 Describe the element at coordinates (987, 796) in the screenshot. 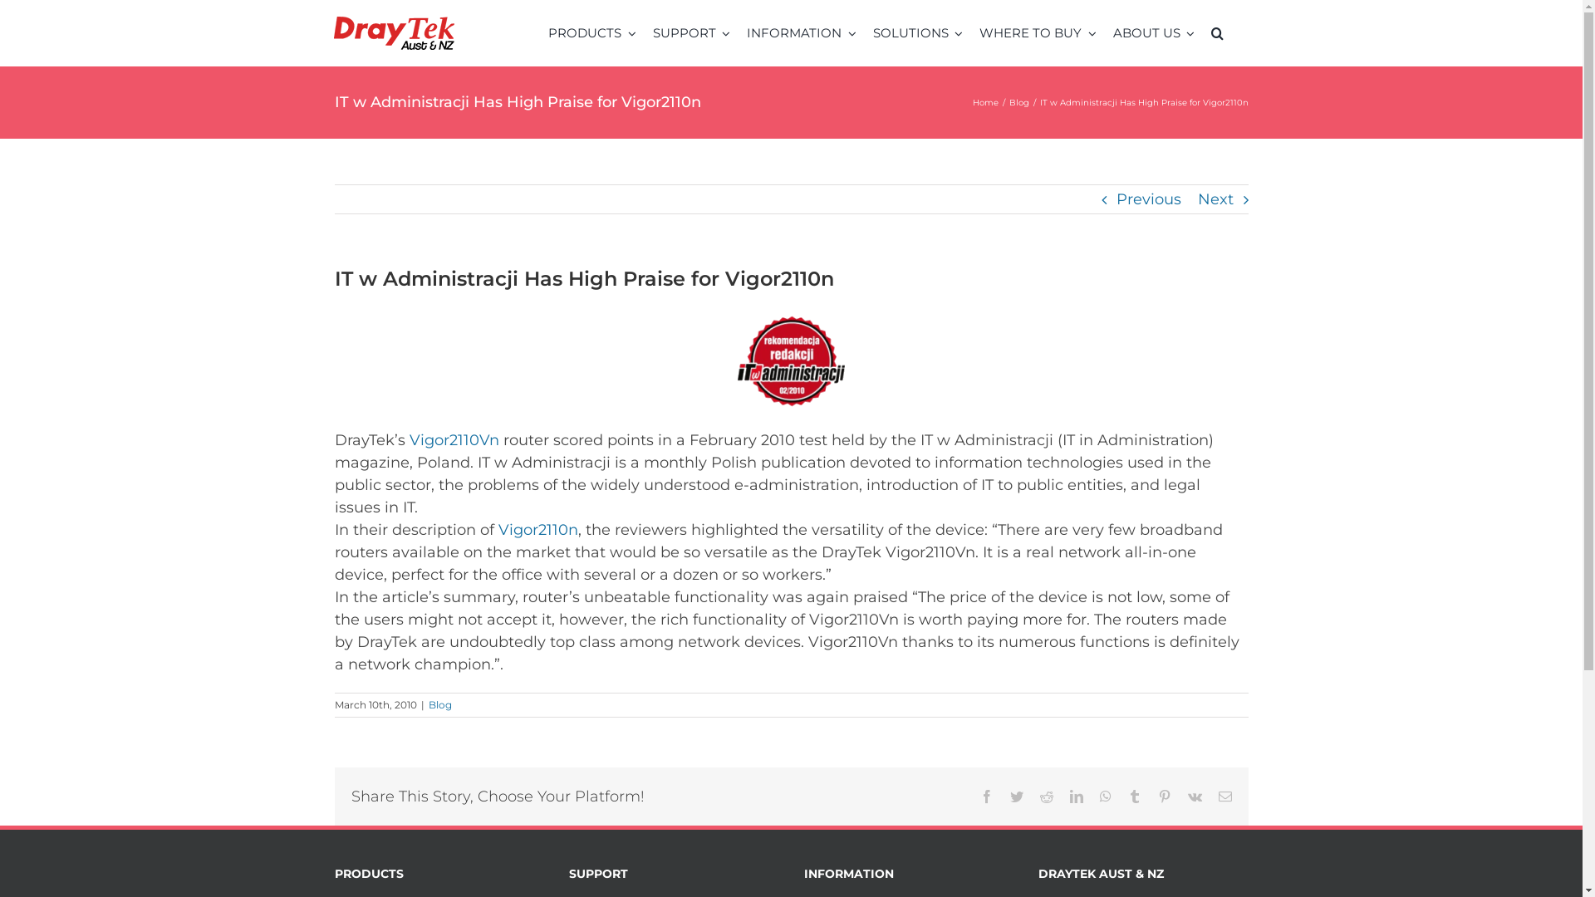

I see `'Facebook'` at that location.